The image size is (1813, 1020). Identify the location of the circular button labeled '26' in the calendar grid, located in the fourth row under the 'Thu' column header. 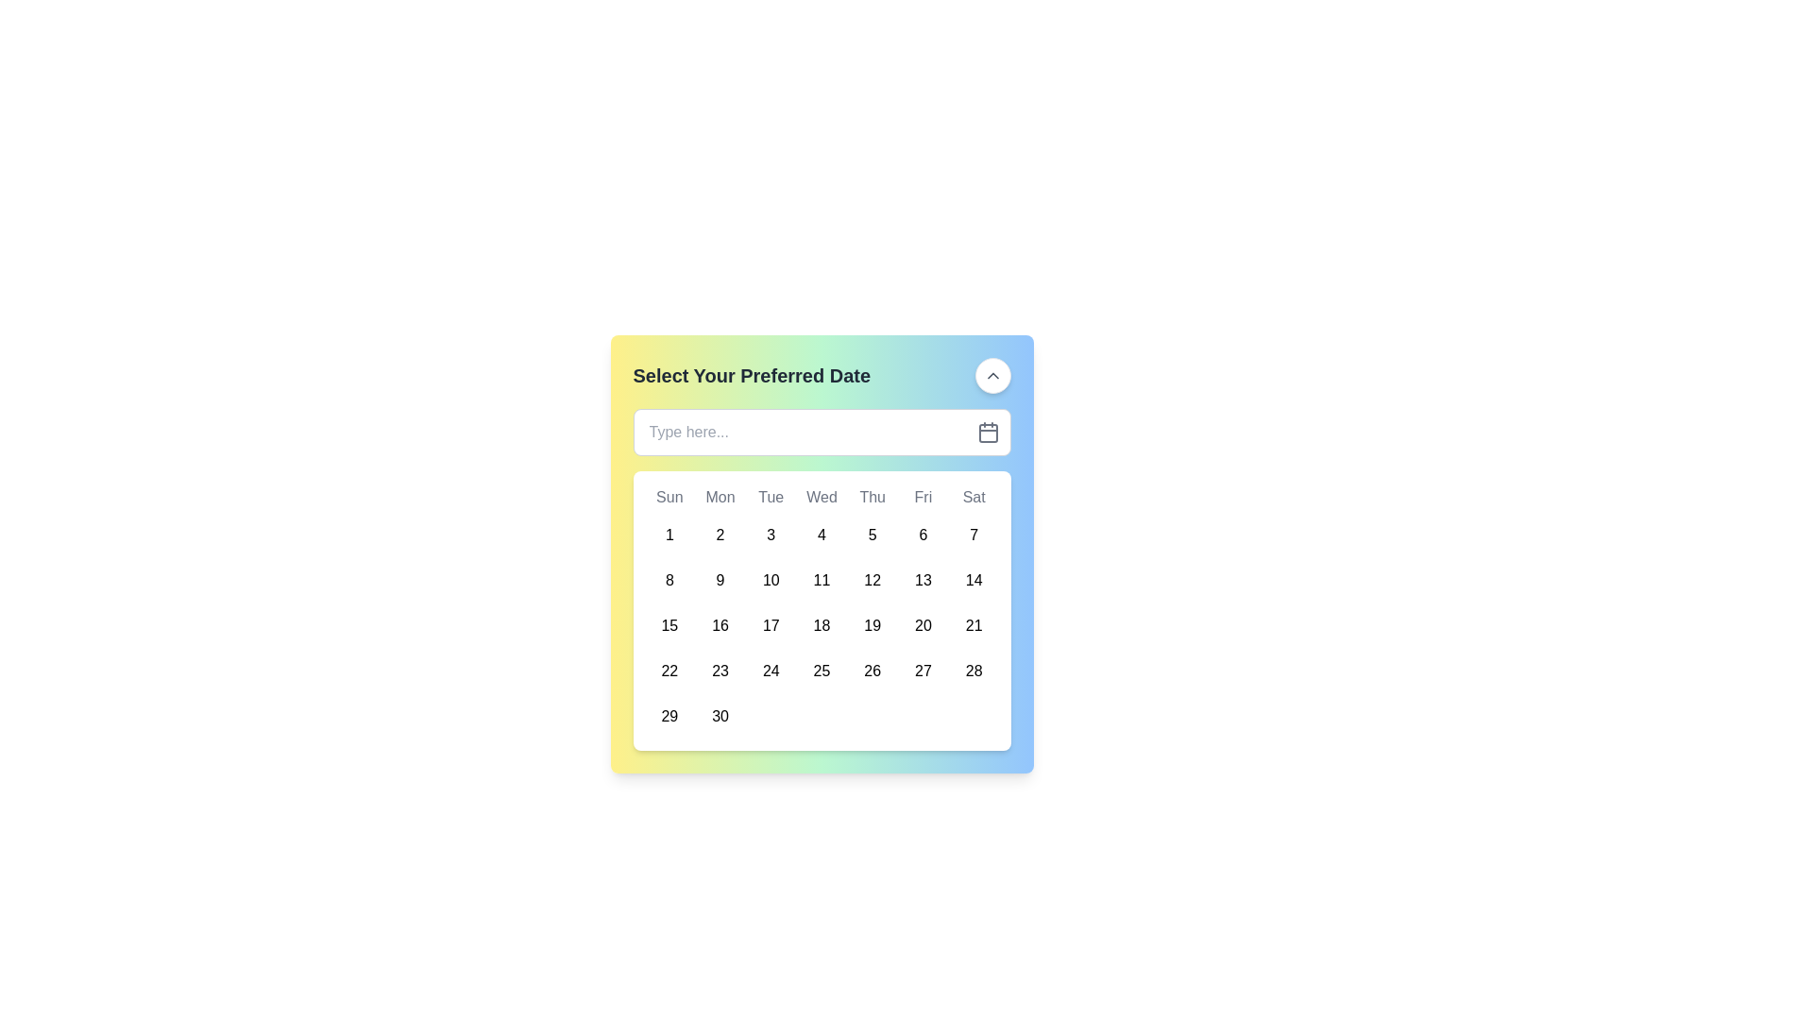
(872, 670).